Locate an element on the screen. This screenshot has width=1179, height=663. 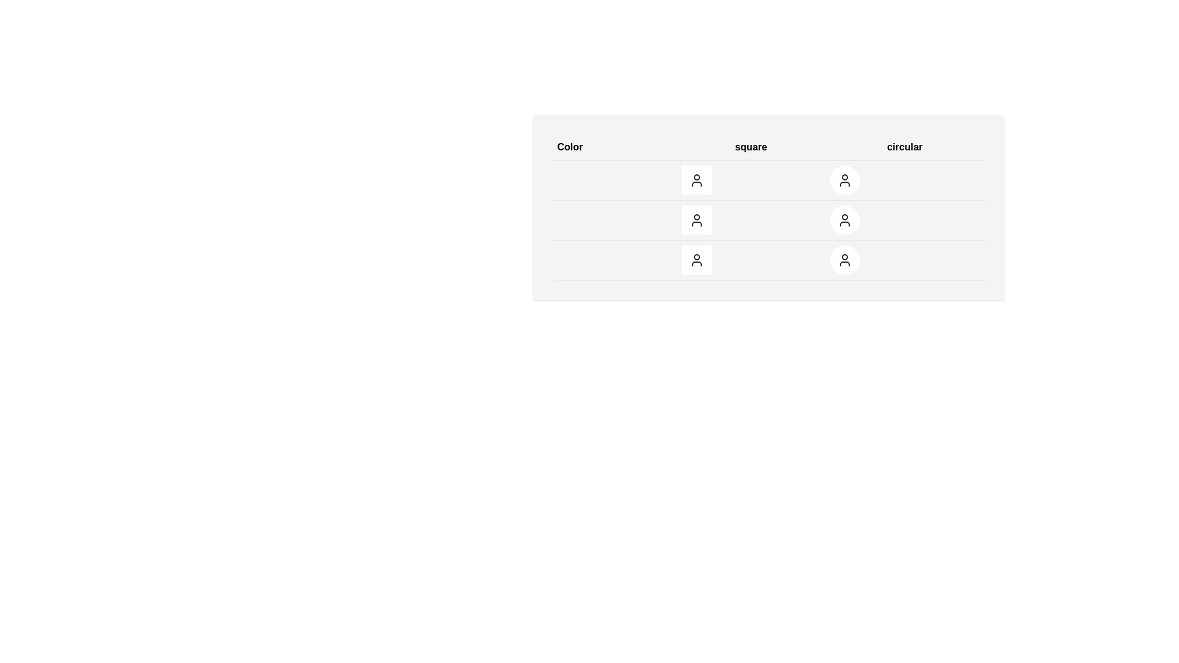
the user profile graphical icon located in the second column of the third row under the 'circular' column header is located at coordinates (844, 219).